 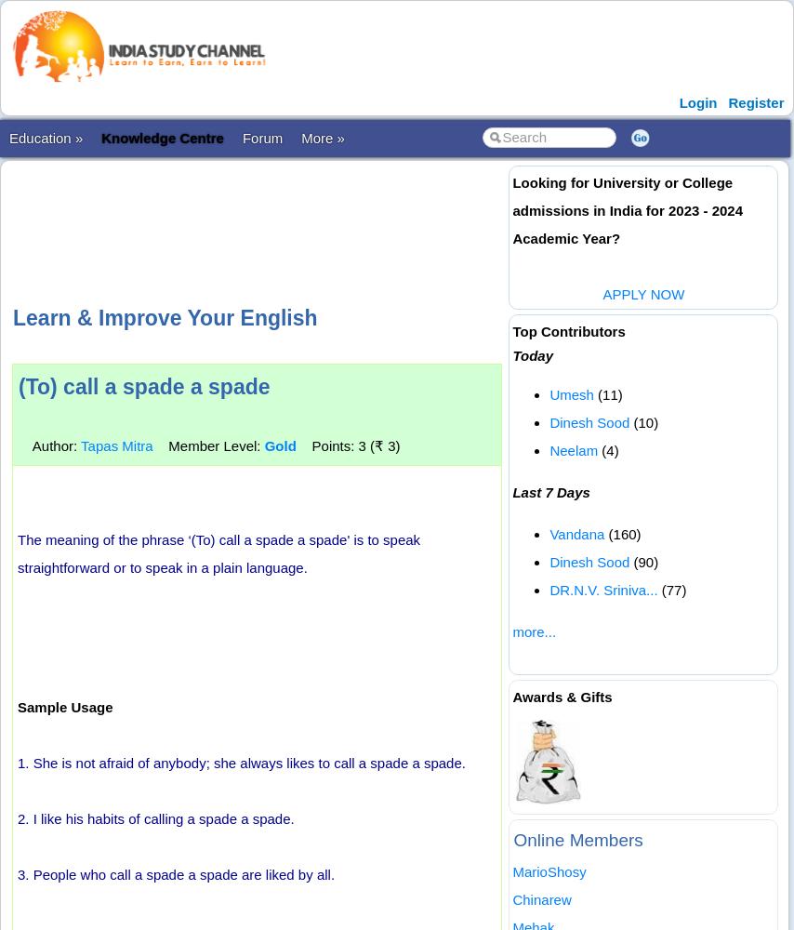 I want to click on 'Awards & Gifts', so click(x=562, y=695).